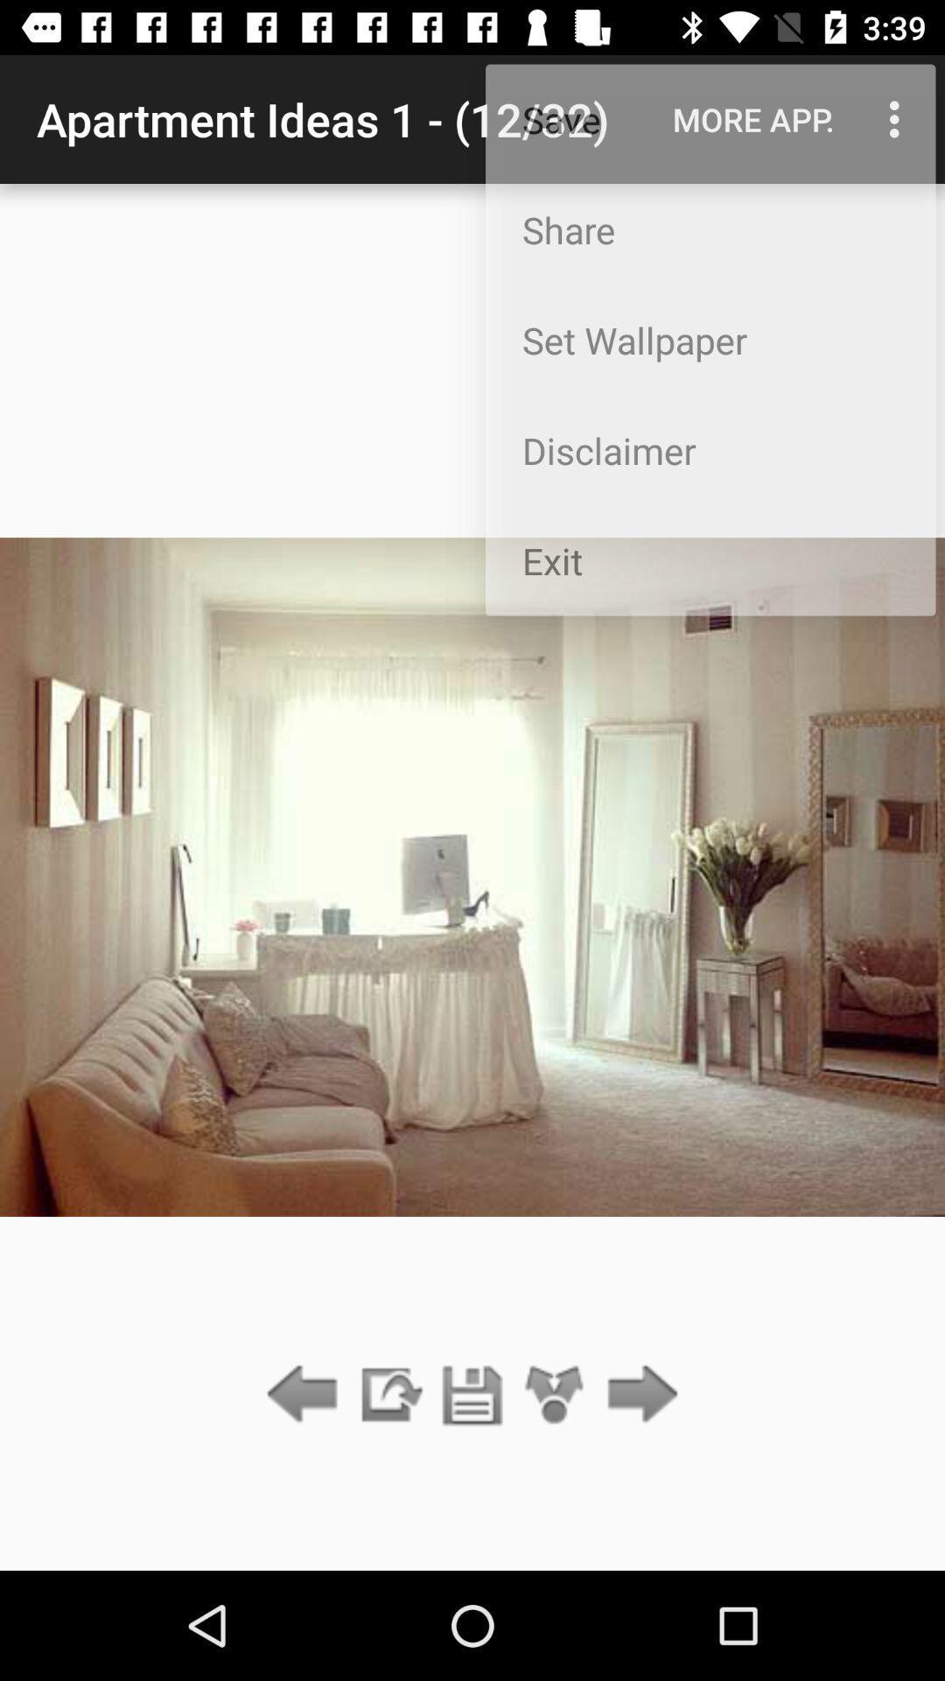 The image size is (945, 1681). Describe the element at coordinates (388, 1395) in the screenshot. I see `the launch icon` at that location.